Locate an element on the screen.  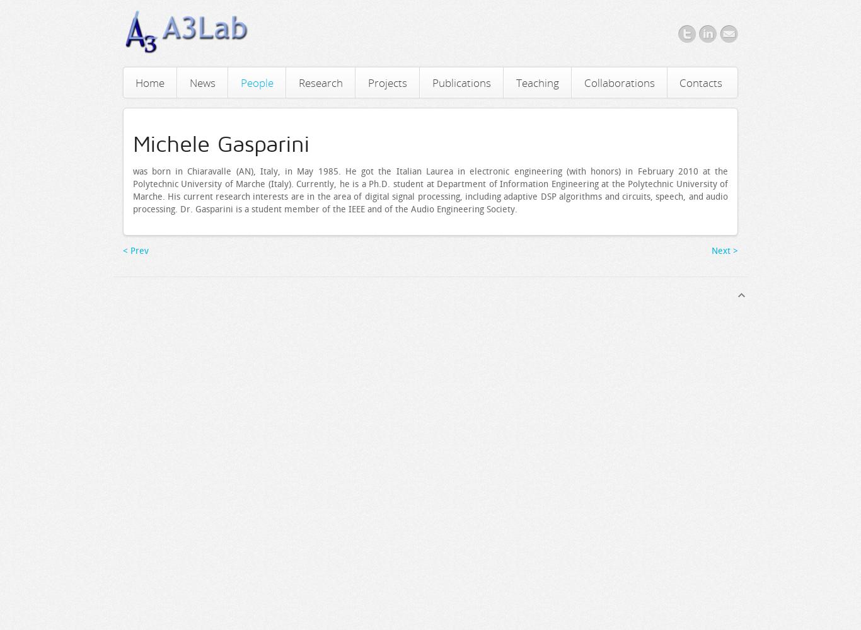
'was born in Chiaravalle (AN), Italy, in May 1985. He got the Italian Laurea in electronic engineering (with honors) in February 2010 at the Polytechnic University of Marche (Italy). Currently, he is a Ph.D. student at Department of Information Engineering at the Polytechnic University of Marche. His current research interests are in the area of digital signal processing, including adaptive DSP algorithms and circuits, speech, and audio processing. Dr. Gasparini is a student member of the IEEE and of the Audio Engineering Society.' is located at coordinates (429, 190).